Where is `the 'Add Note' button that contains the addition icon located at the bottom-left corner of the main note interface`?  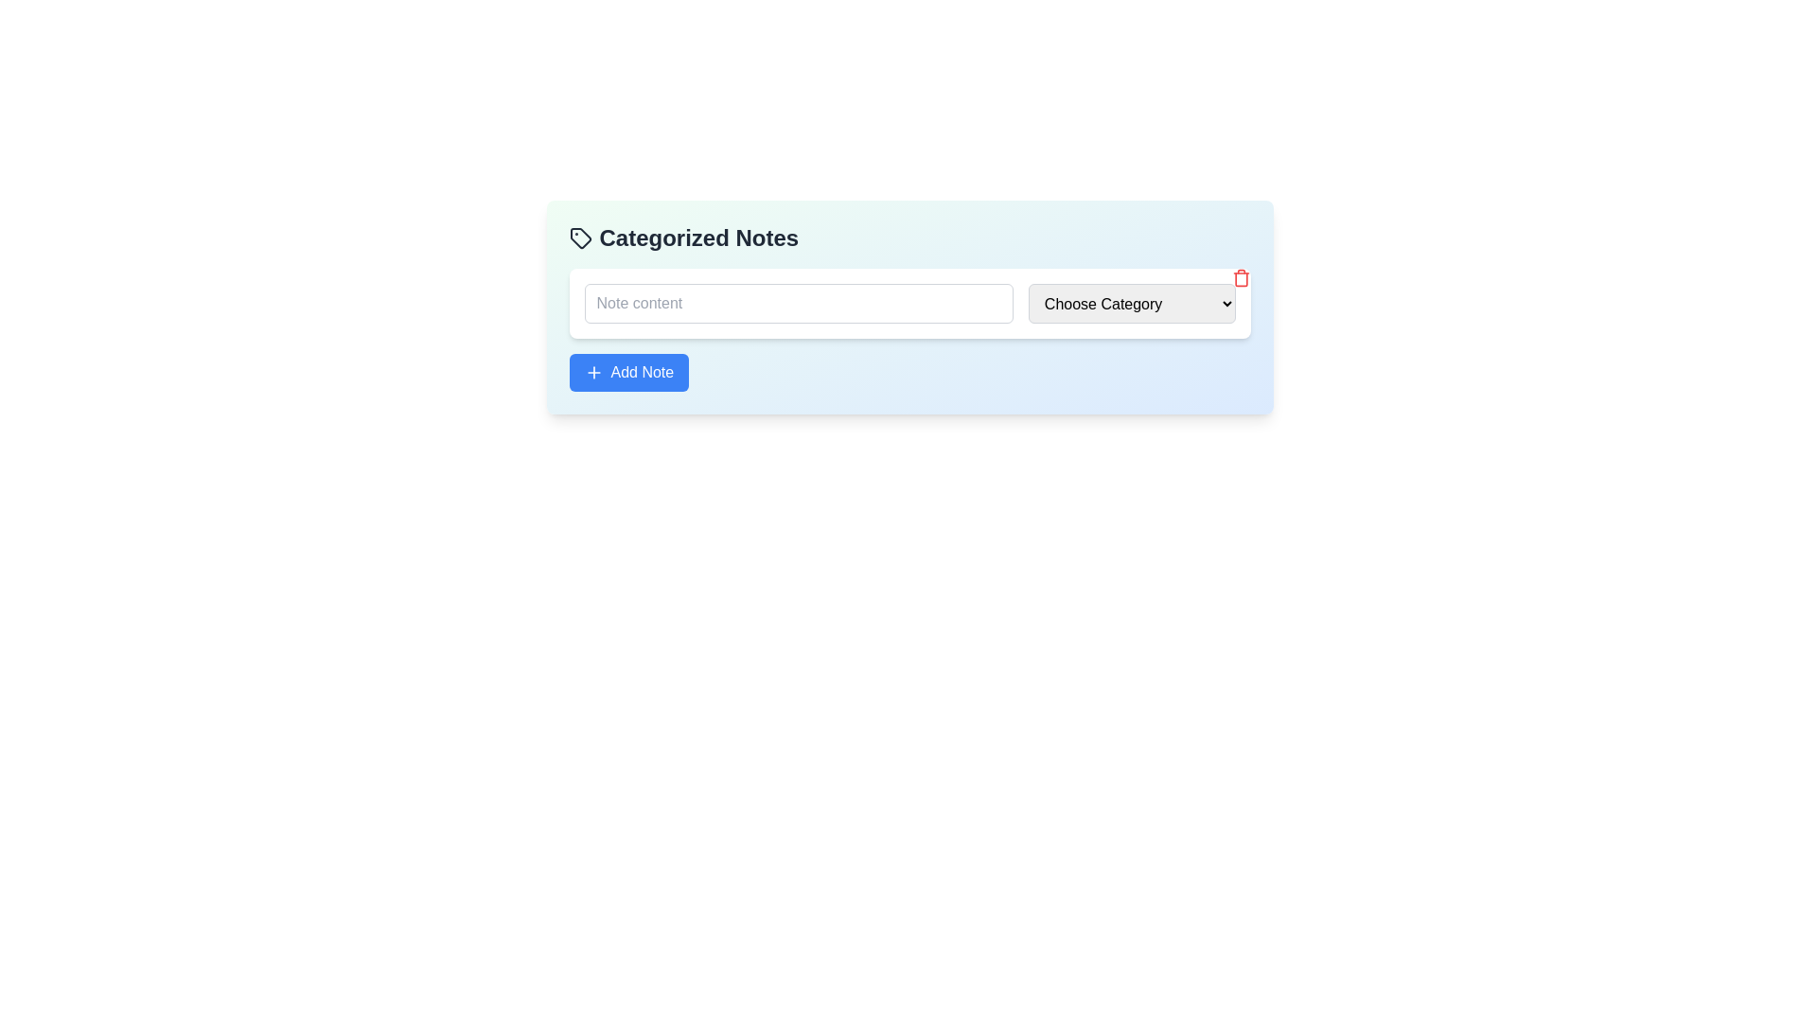
the 'Add Note' button that contains the addition icon located at the bottom-left corner of the main note interface is located at coordinates (592, 372).